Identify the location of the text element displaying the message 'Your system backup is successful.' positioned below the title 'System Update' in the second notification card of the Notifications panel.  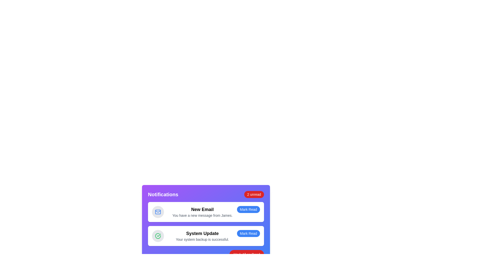
(202, 239).